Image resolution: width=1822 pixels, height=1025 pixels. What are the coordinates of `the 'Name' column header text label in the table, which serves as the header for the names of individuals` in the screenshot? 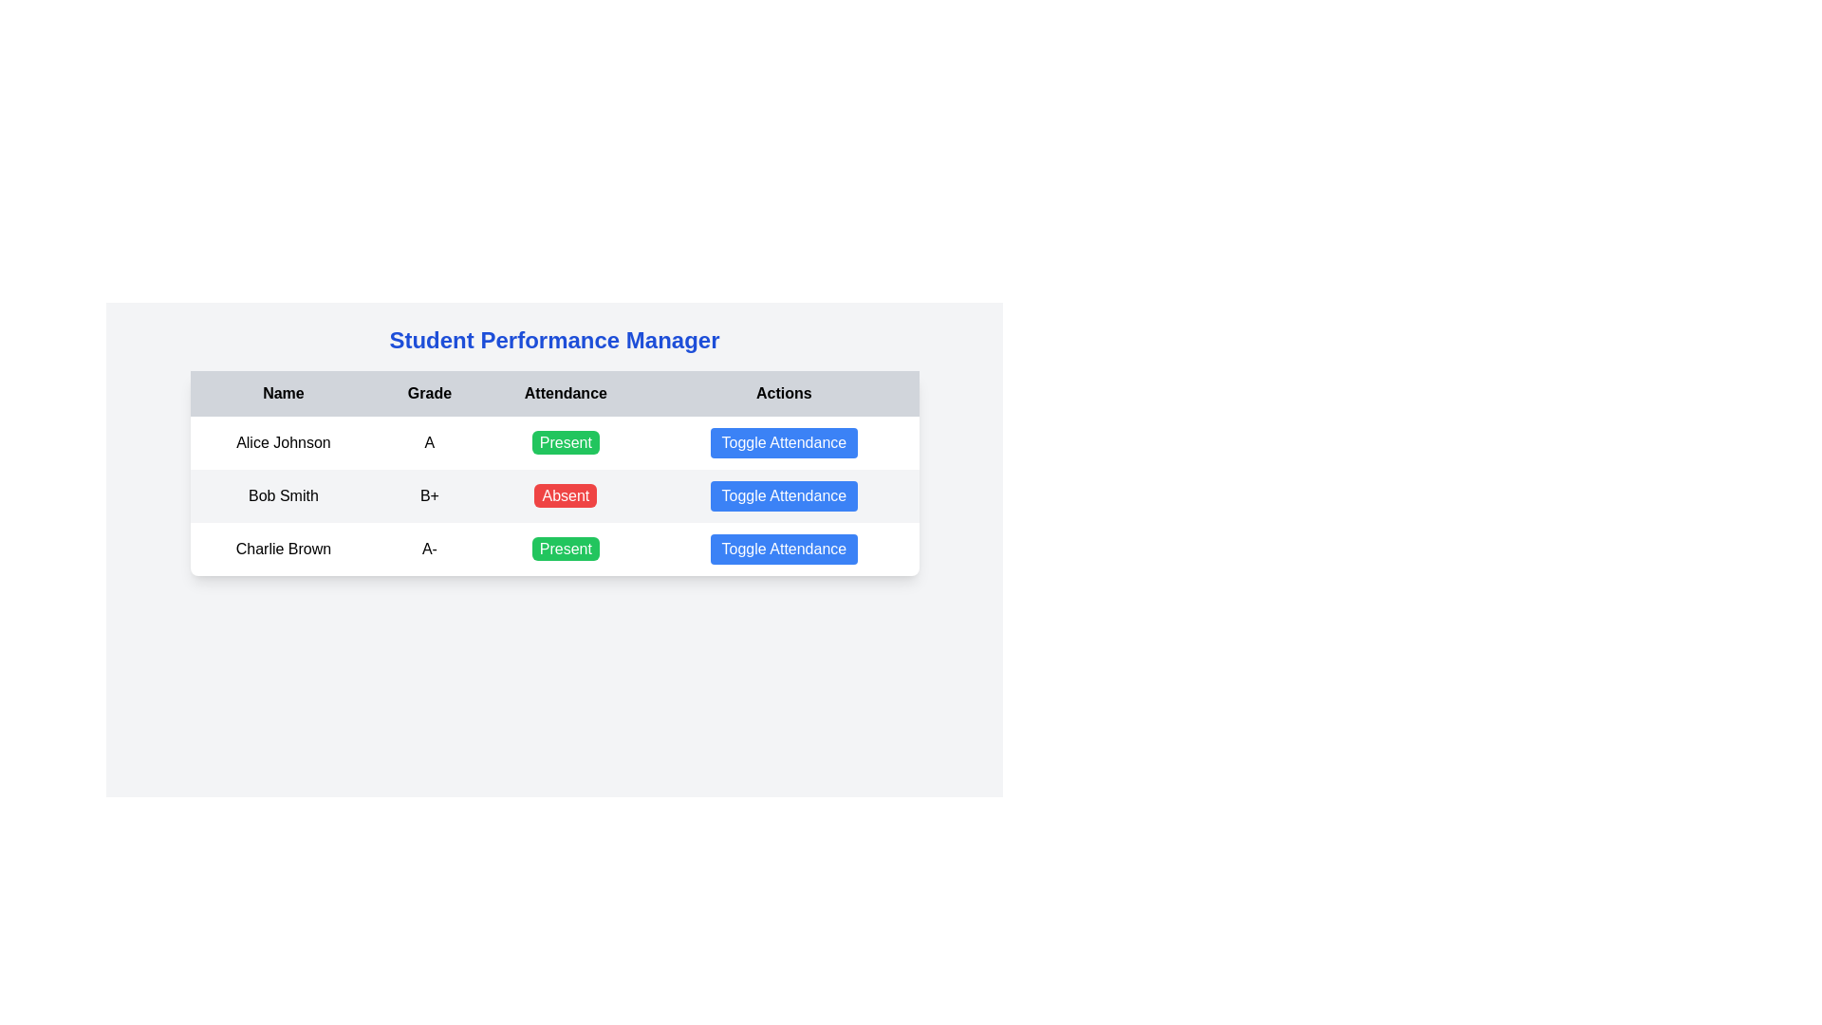 It's located at (282, 393).